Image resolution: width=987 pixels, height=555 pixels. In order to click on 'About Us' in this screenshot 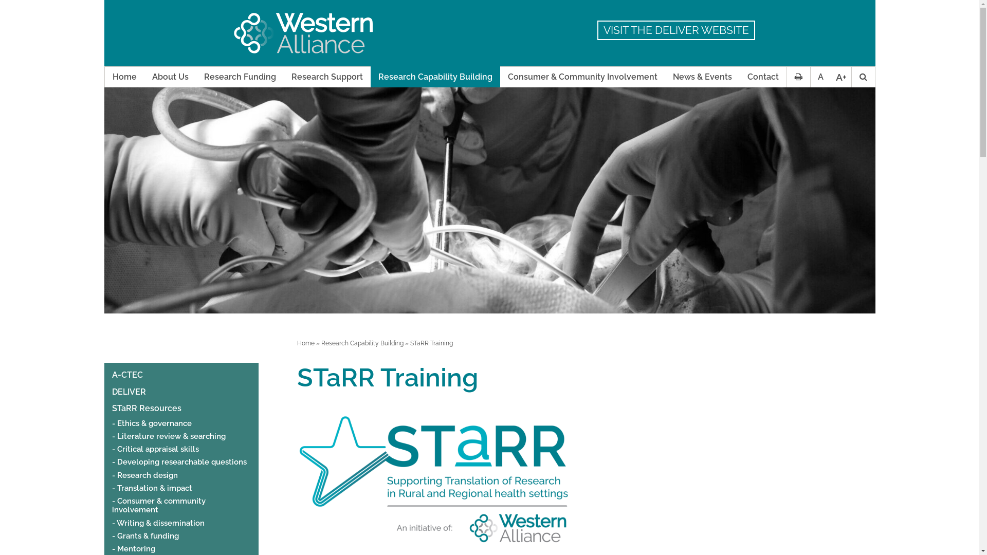, I will do `click(170, 77)`.